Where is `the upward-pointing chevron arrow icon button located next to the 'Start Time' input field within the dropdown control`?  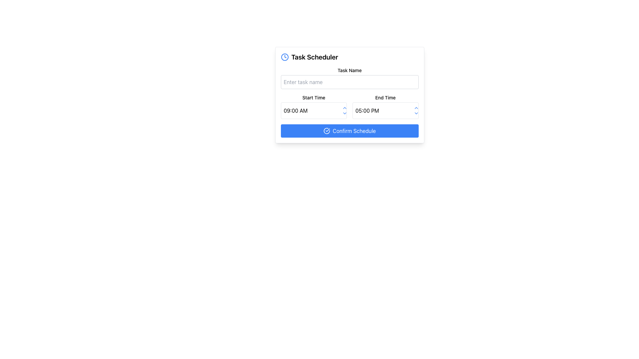
the upward-pointing chevron arrow icon button located next to the 'Start Time' input field within the dropdown control is located at coordinates (344, 107).